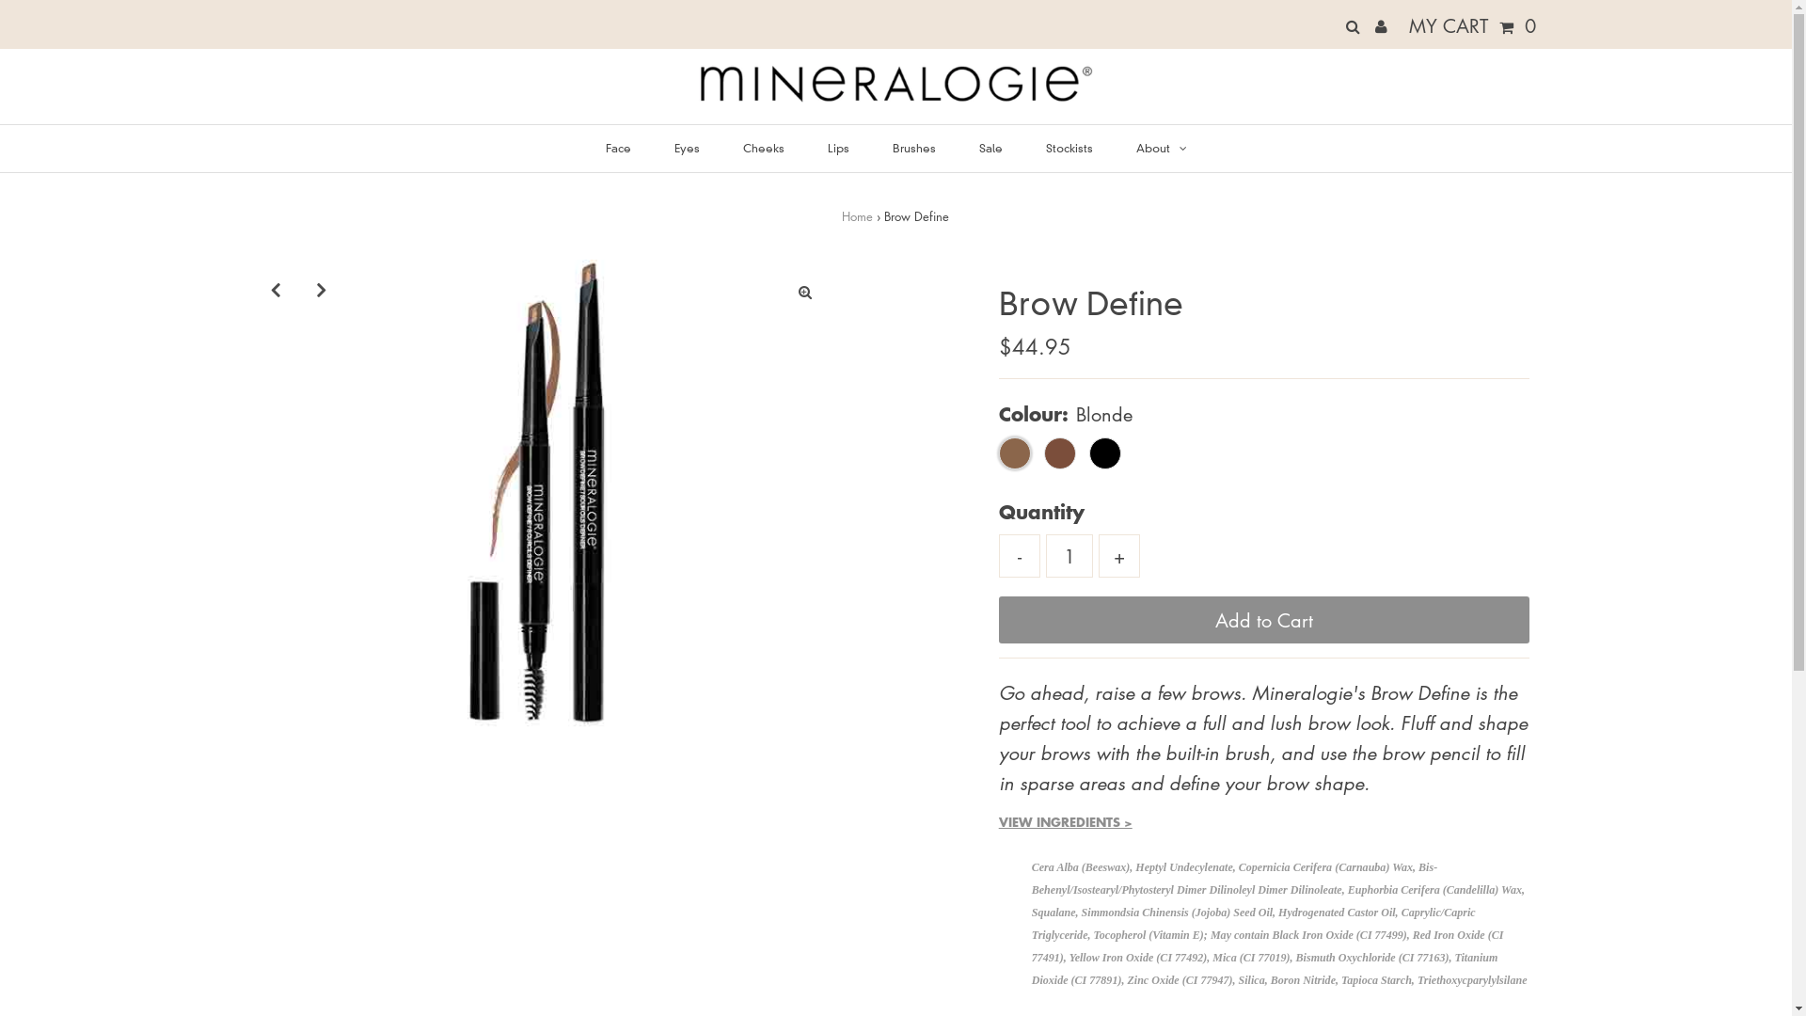 Image resolution: width=1806 pixels, height=1016 pixels. Describe the element at coordinates (912, 148) in the screenshot. I see `'Brushes'` at that location.